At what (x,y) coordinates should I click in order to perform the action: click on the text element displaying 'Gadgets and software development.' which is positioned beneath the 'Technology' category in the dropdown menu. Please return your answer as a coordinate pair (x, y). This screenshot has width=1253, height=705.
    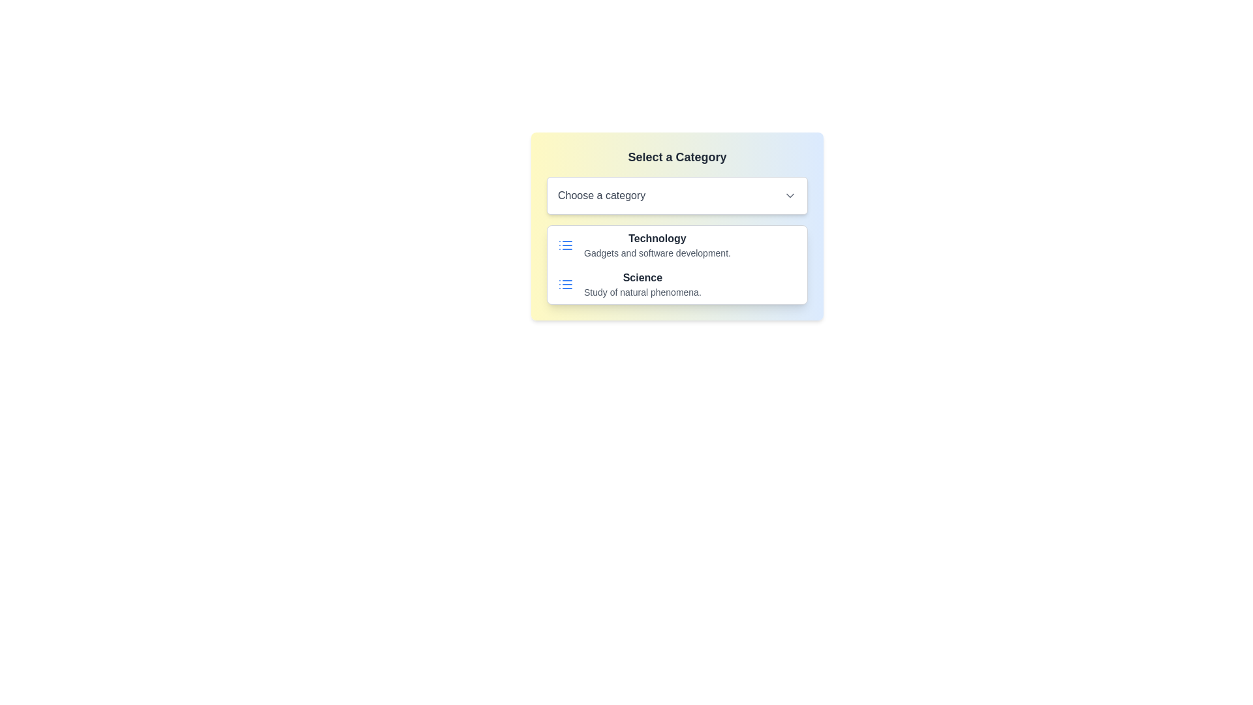
    Looking at the image, I should click on (657, 253).